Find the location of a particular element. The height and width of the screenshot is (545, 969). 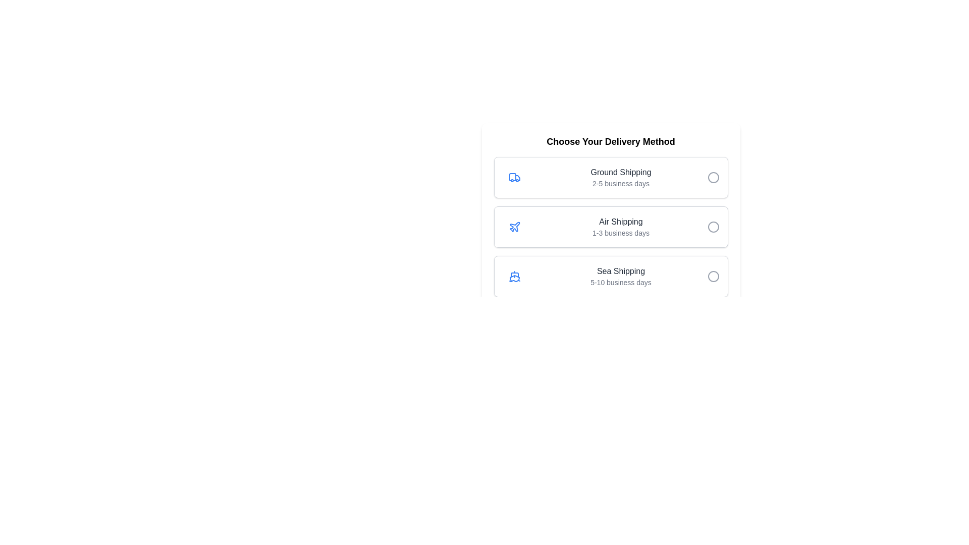

to select the 'Air Shipping' delivery option, which is the second selectable option in the list of shipping methods is located at coordinates (610, 227).